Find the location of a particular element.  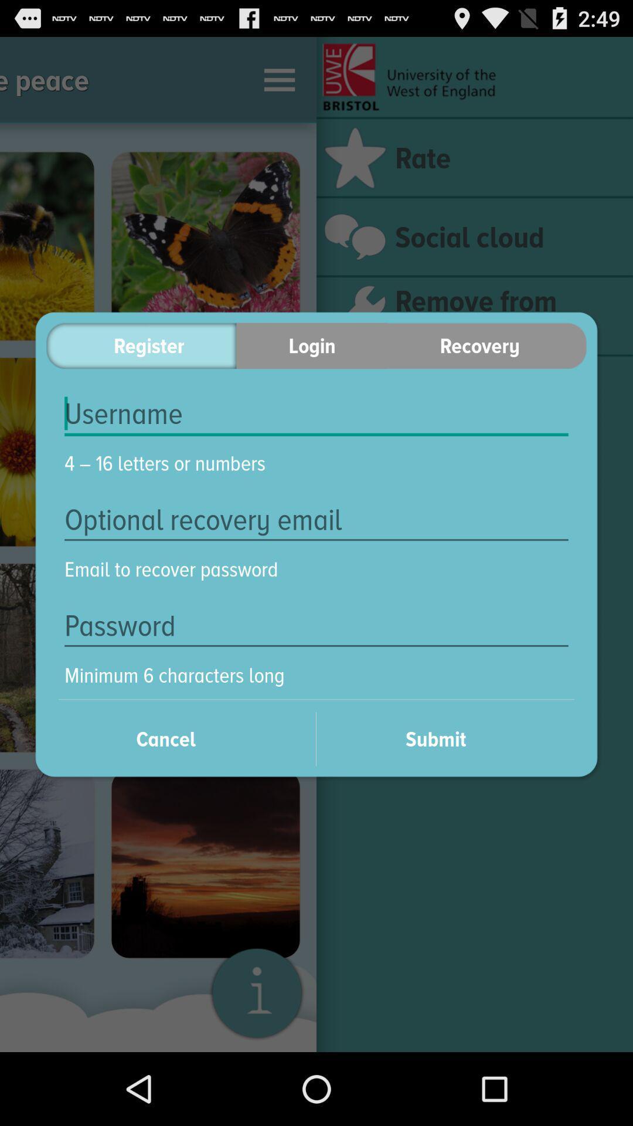

item above 4 16 letters is located at coordinates (316, 414).